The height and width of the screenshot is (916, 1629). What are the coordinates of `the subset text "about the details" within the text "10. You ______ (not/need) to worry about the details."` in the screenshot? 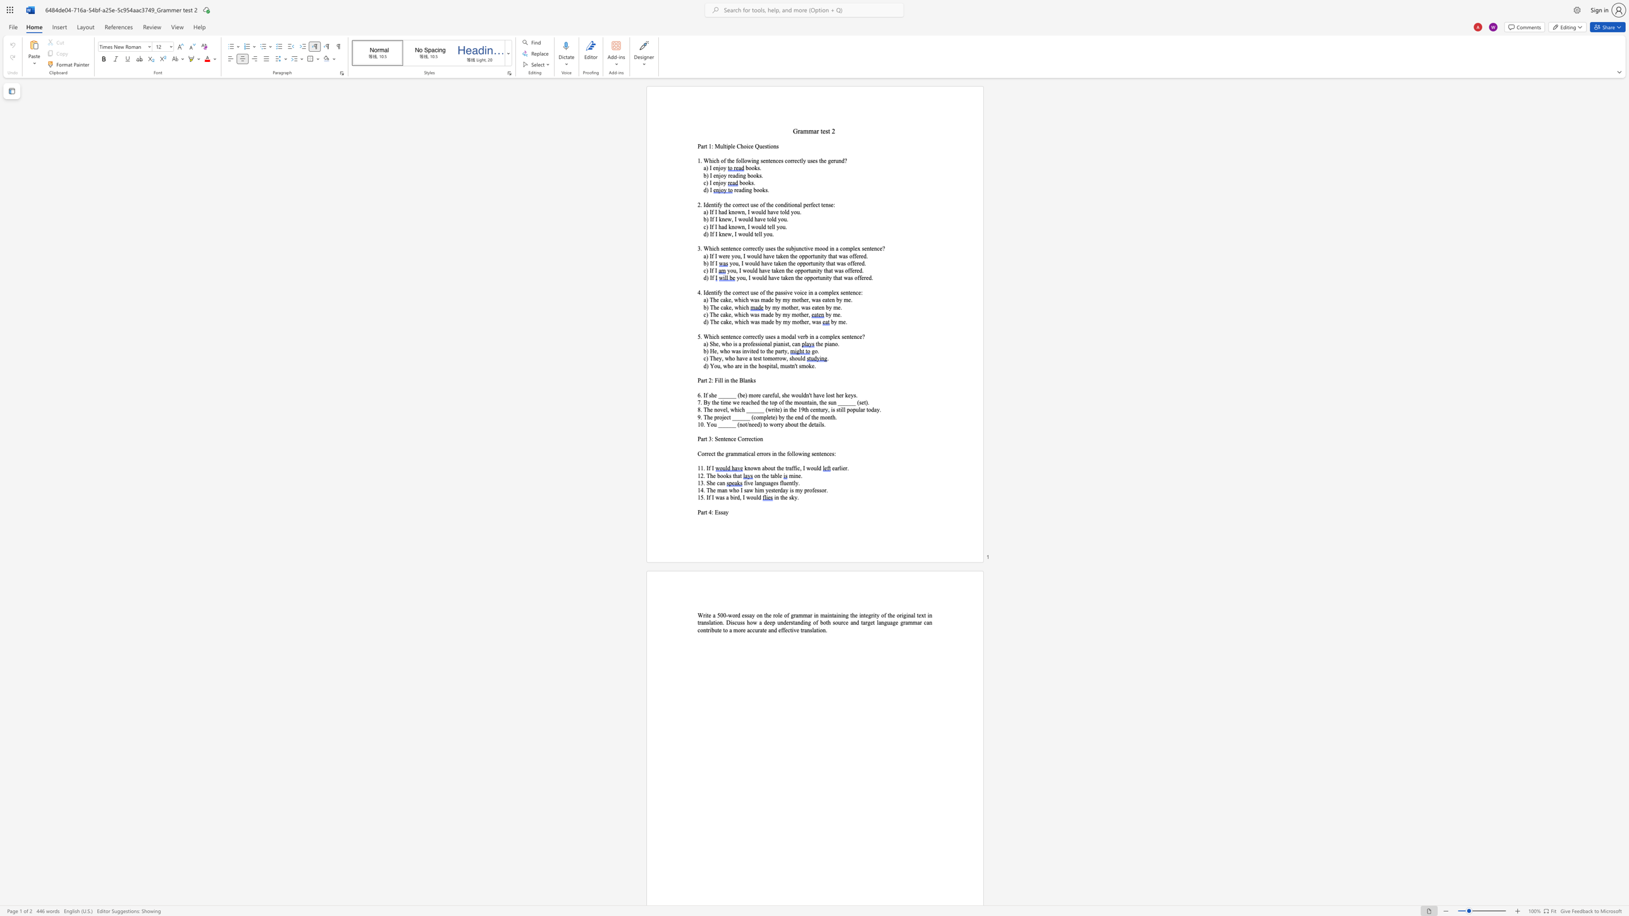 It's located at (784, 425).